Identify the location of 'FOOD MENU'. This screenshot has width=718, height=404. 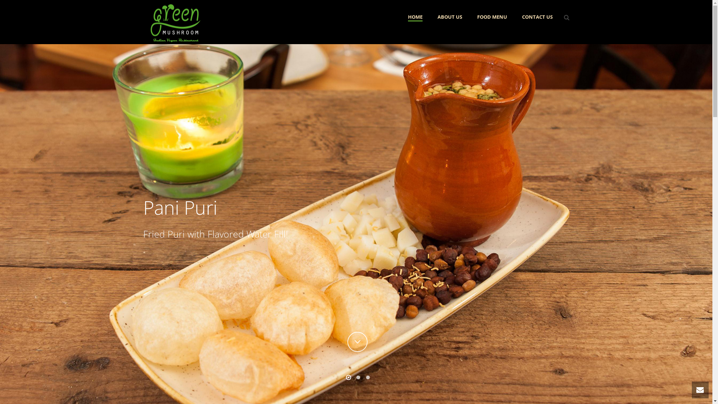
(492, 17).